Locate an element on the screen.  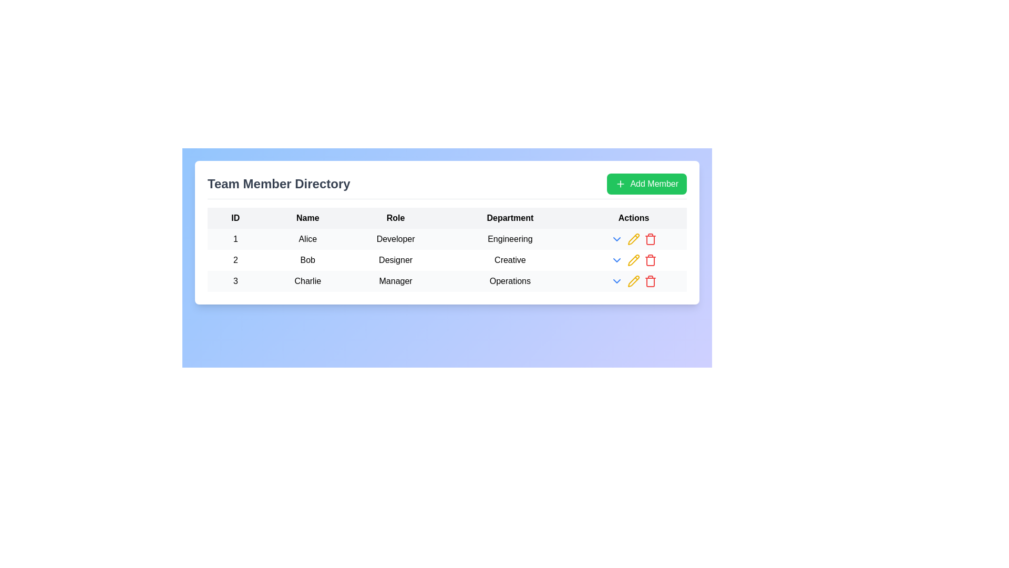
the bold, black number '1' in the 'ID' column of the table, which is aligned with the row containing 'Alice', 'Developer', and 'Engineering' is located at coordinates (235, 239).